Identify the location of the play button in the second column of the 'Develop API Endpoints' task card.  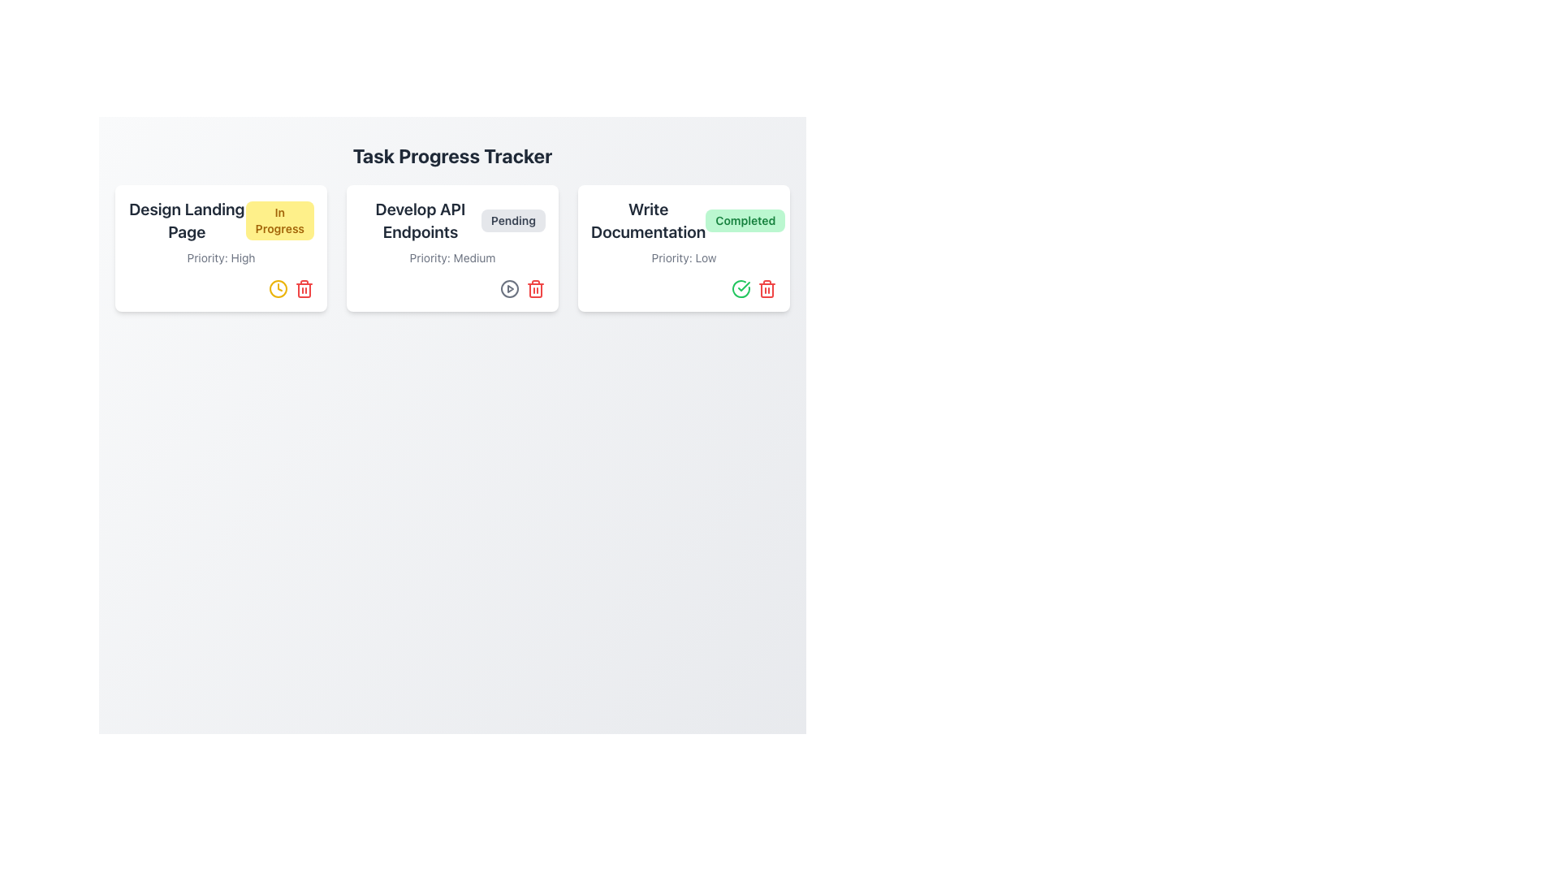
(509, 287).